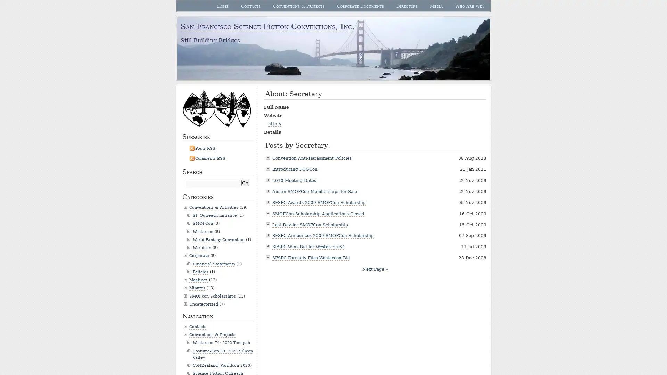 The image size is (667, 375). I want to click on Go, so click(245, 182).